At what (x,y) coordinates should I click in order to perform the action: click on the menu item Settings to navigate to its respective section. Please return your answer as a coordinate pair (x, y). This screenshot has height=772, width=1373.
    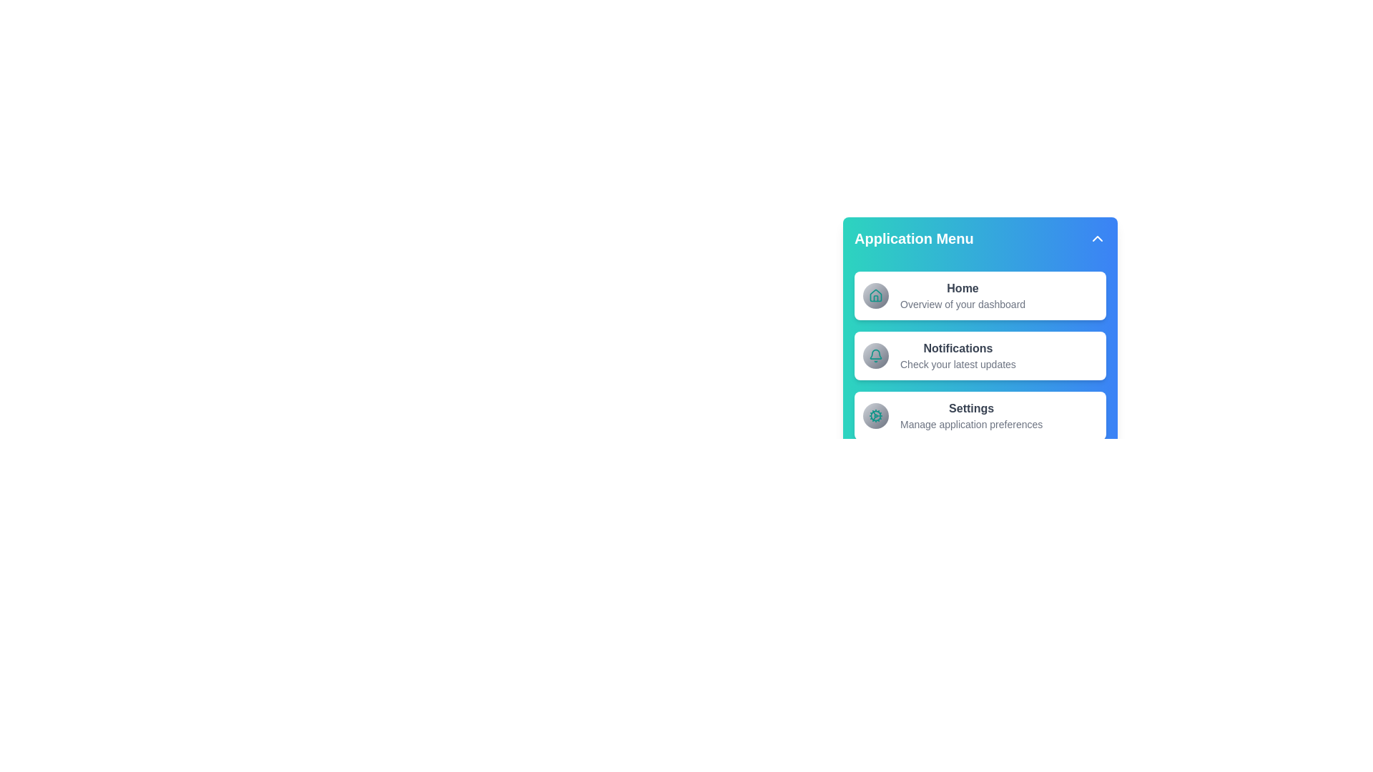
    Looking at the image, I should click on (980, 416).